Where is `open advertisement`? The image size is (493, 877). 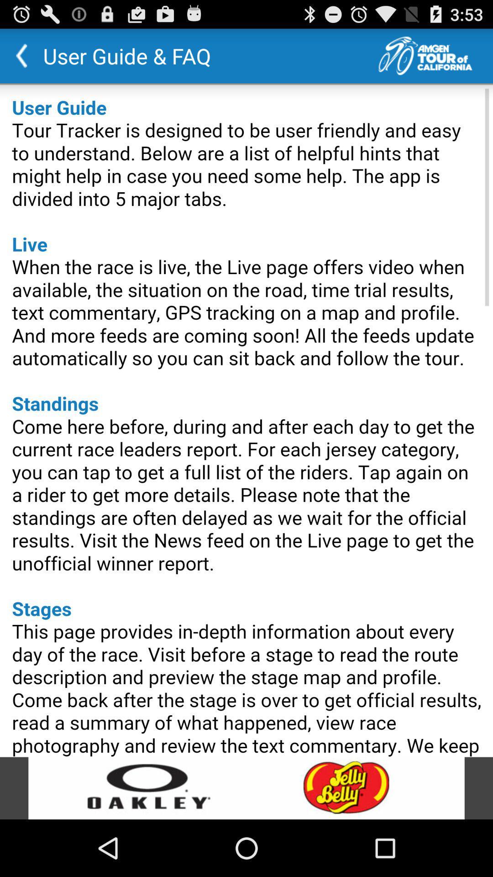 open advertisement is located at coordinates (246, 787).